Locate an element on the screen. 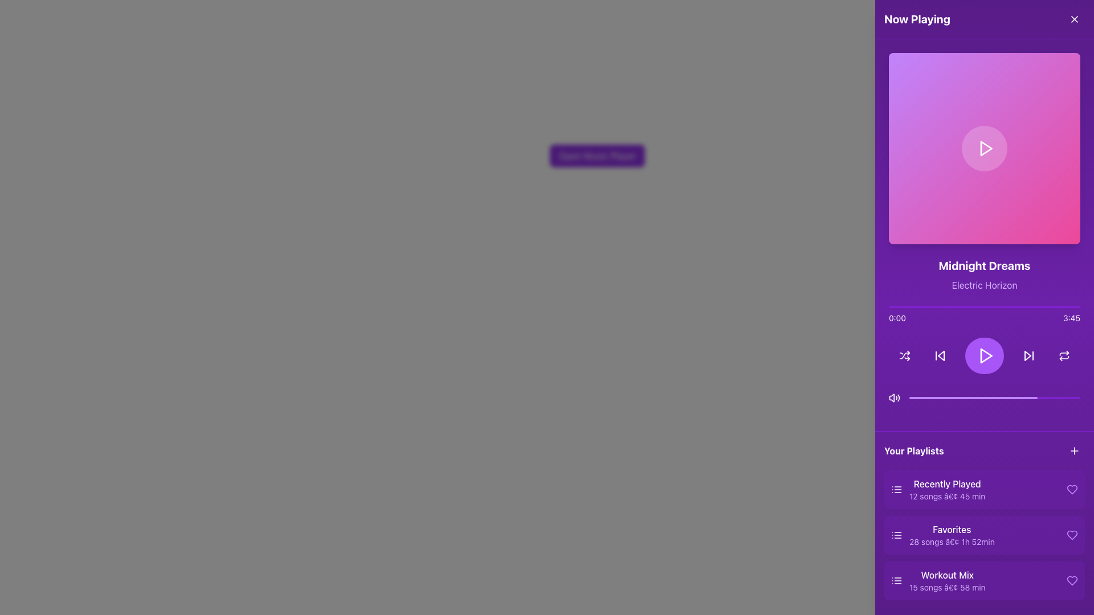 The width and height of the screenshot is (1094, 615). the 'Your Playlists' label displayed in bold white text on a purple background located in the sidebar header section is located at coordinates (914, 450).